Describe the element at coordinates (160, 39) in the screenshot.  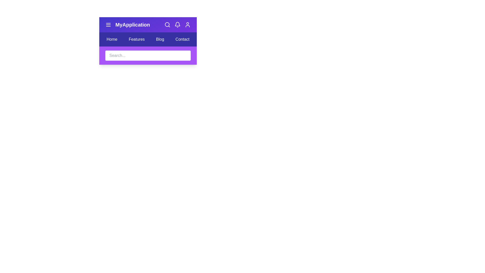
I see `the menu item labeled Blog` at that location.